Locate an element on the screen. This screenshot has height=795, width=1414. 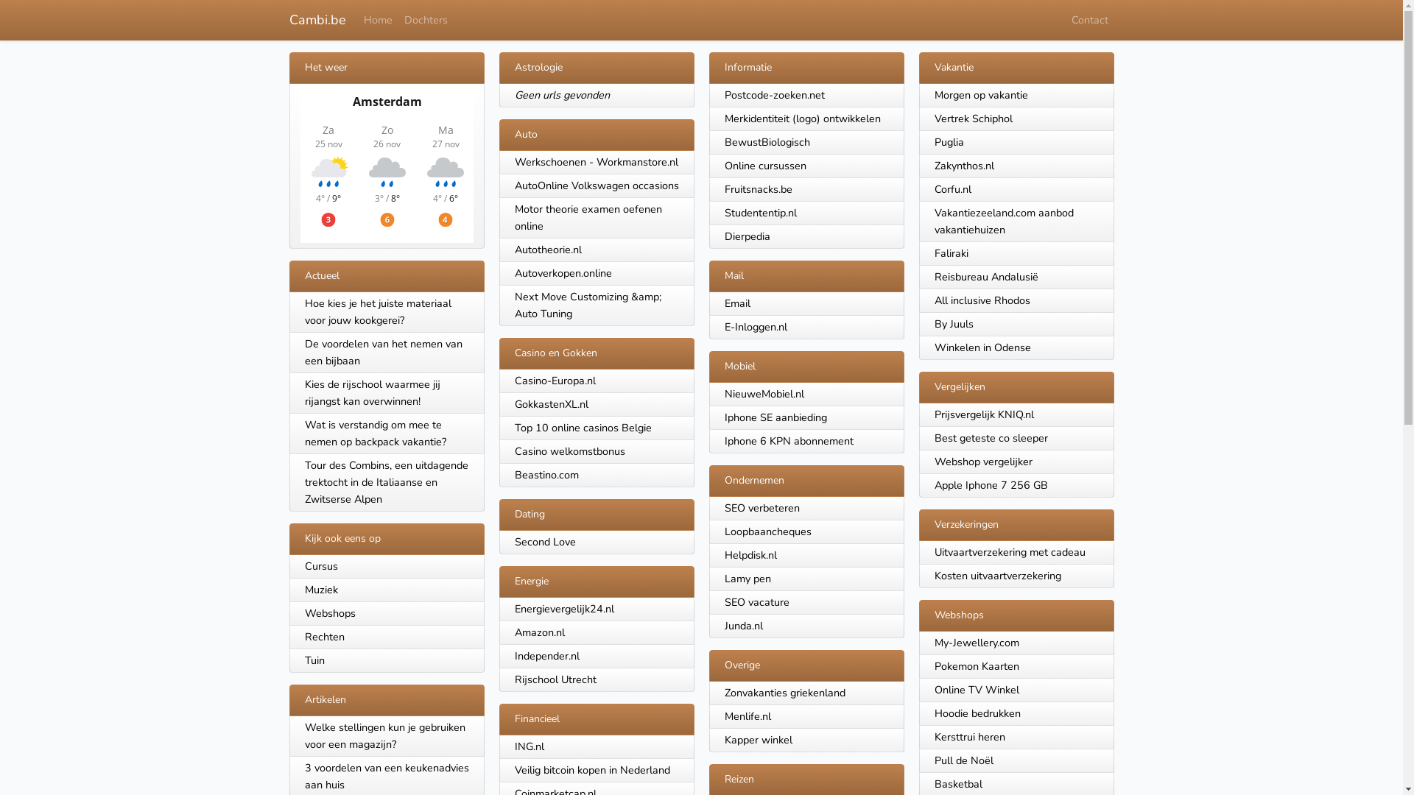
'Winkelen in Odense' is located at coordinates (932, 347).